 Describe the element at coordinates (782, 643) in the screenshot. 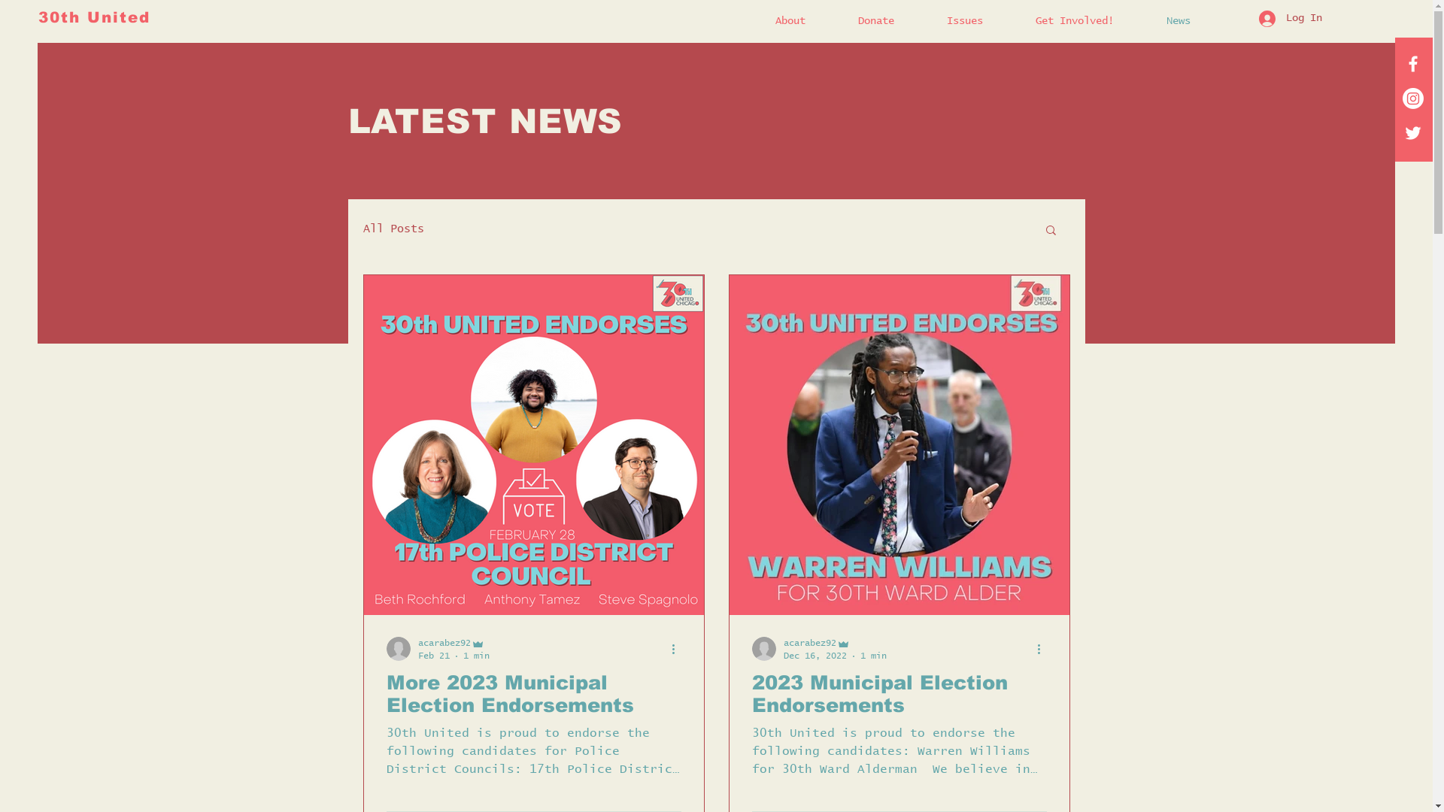

I see `'acarabez92'` at that location.